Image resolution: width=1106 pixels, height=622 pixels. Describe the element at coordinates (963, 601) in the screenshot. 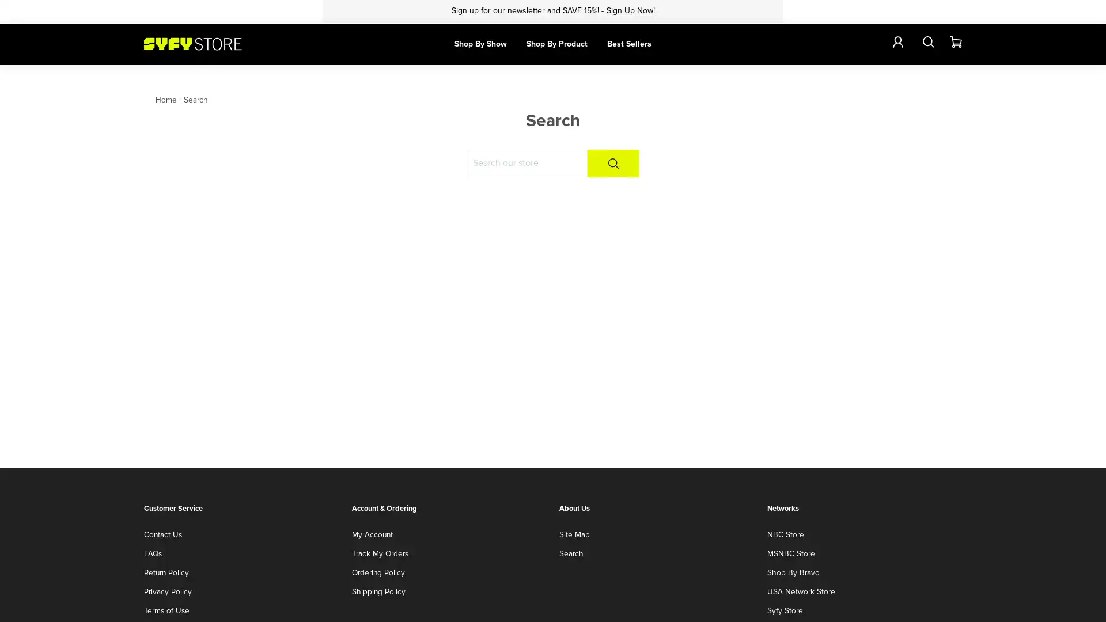

I see `Manage Cookies` at that location.